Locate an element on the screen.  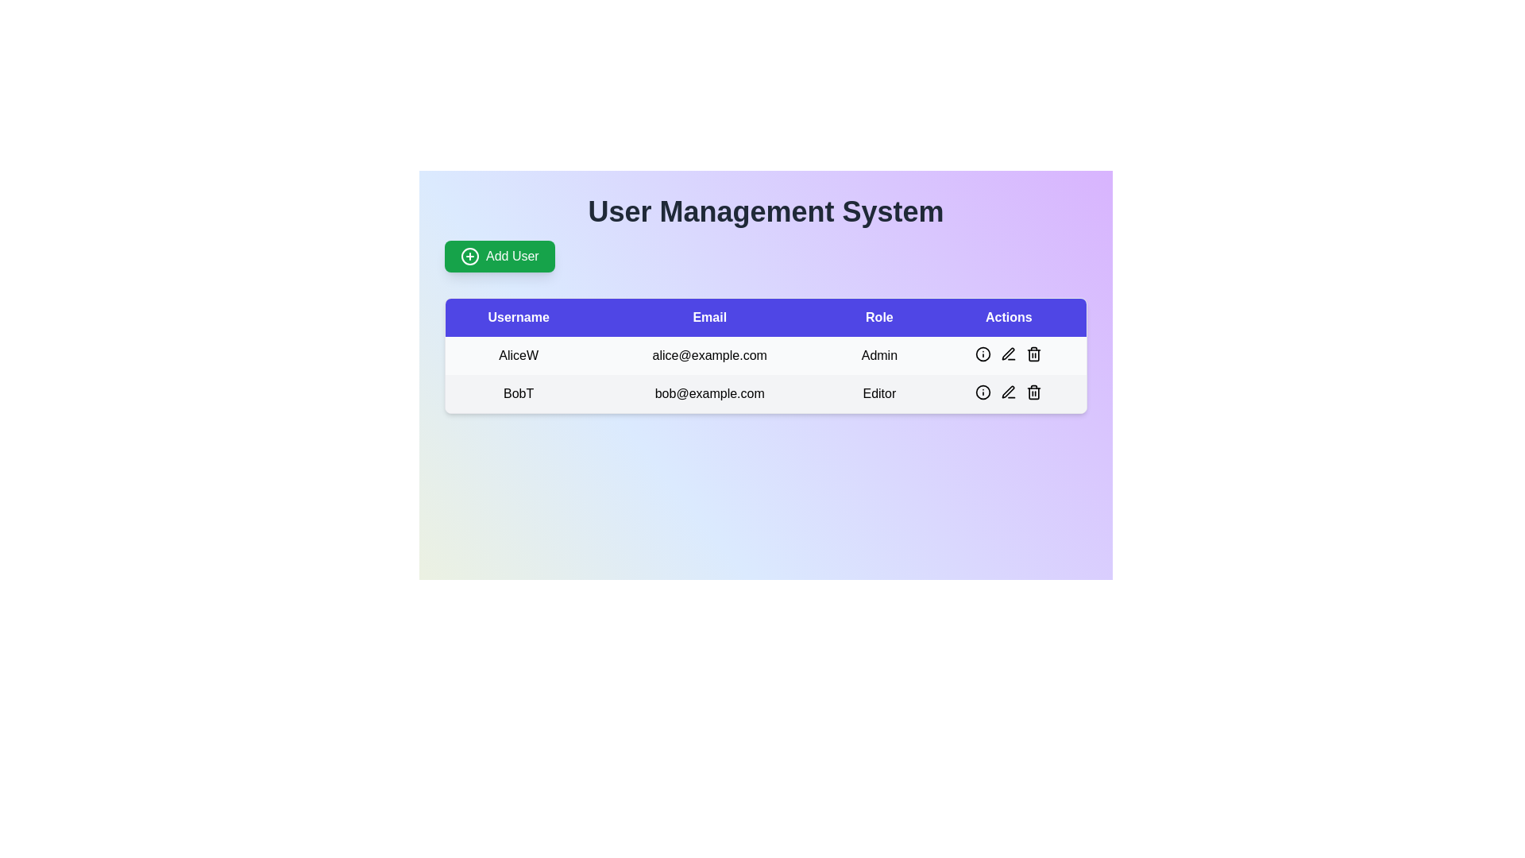
the 'Add User' button located below the 'User Management System' header is located at coordinates (499, 256).